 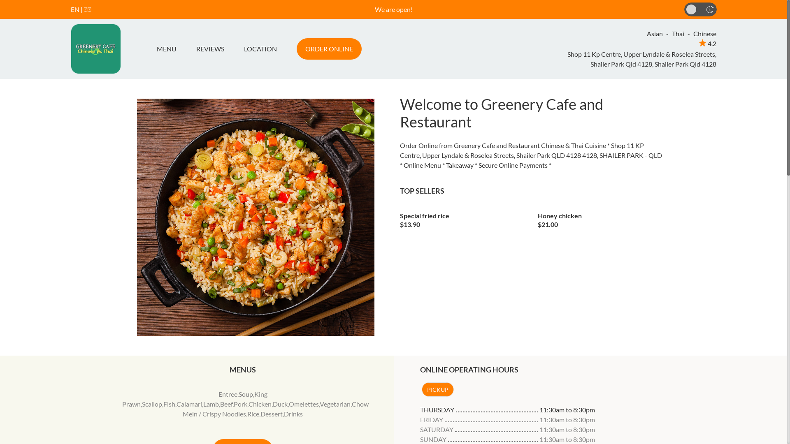 I want to click on 'Drinks', so click(x=293, y=414).